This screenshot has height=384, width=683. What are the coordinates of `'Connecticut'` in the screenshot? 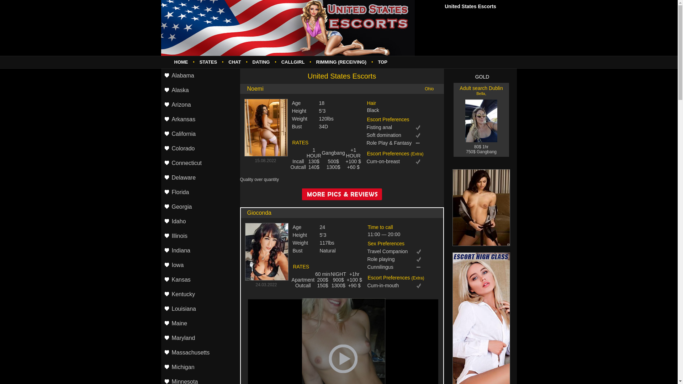 It's located at (199, 163).